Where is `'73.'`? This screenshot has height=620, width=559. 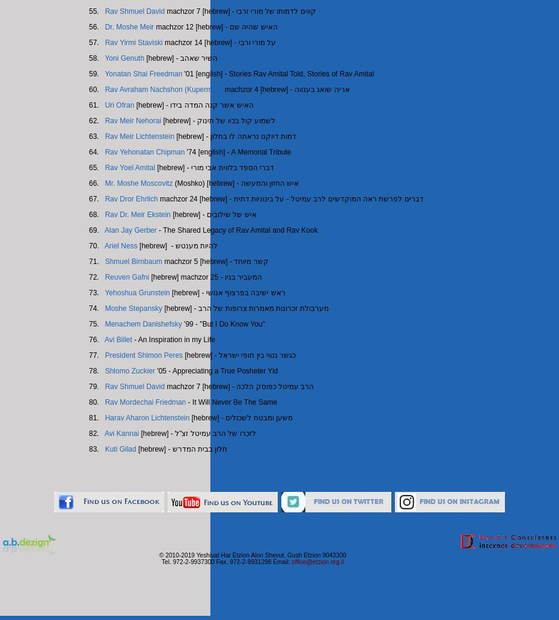 '73.' is located at coordinates (88, 293).